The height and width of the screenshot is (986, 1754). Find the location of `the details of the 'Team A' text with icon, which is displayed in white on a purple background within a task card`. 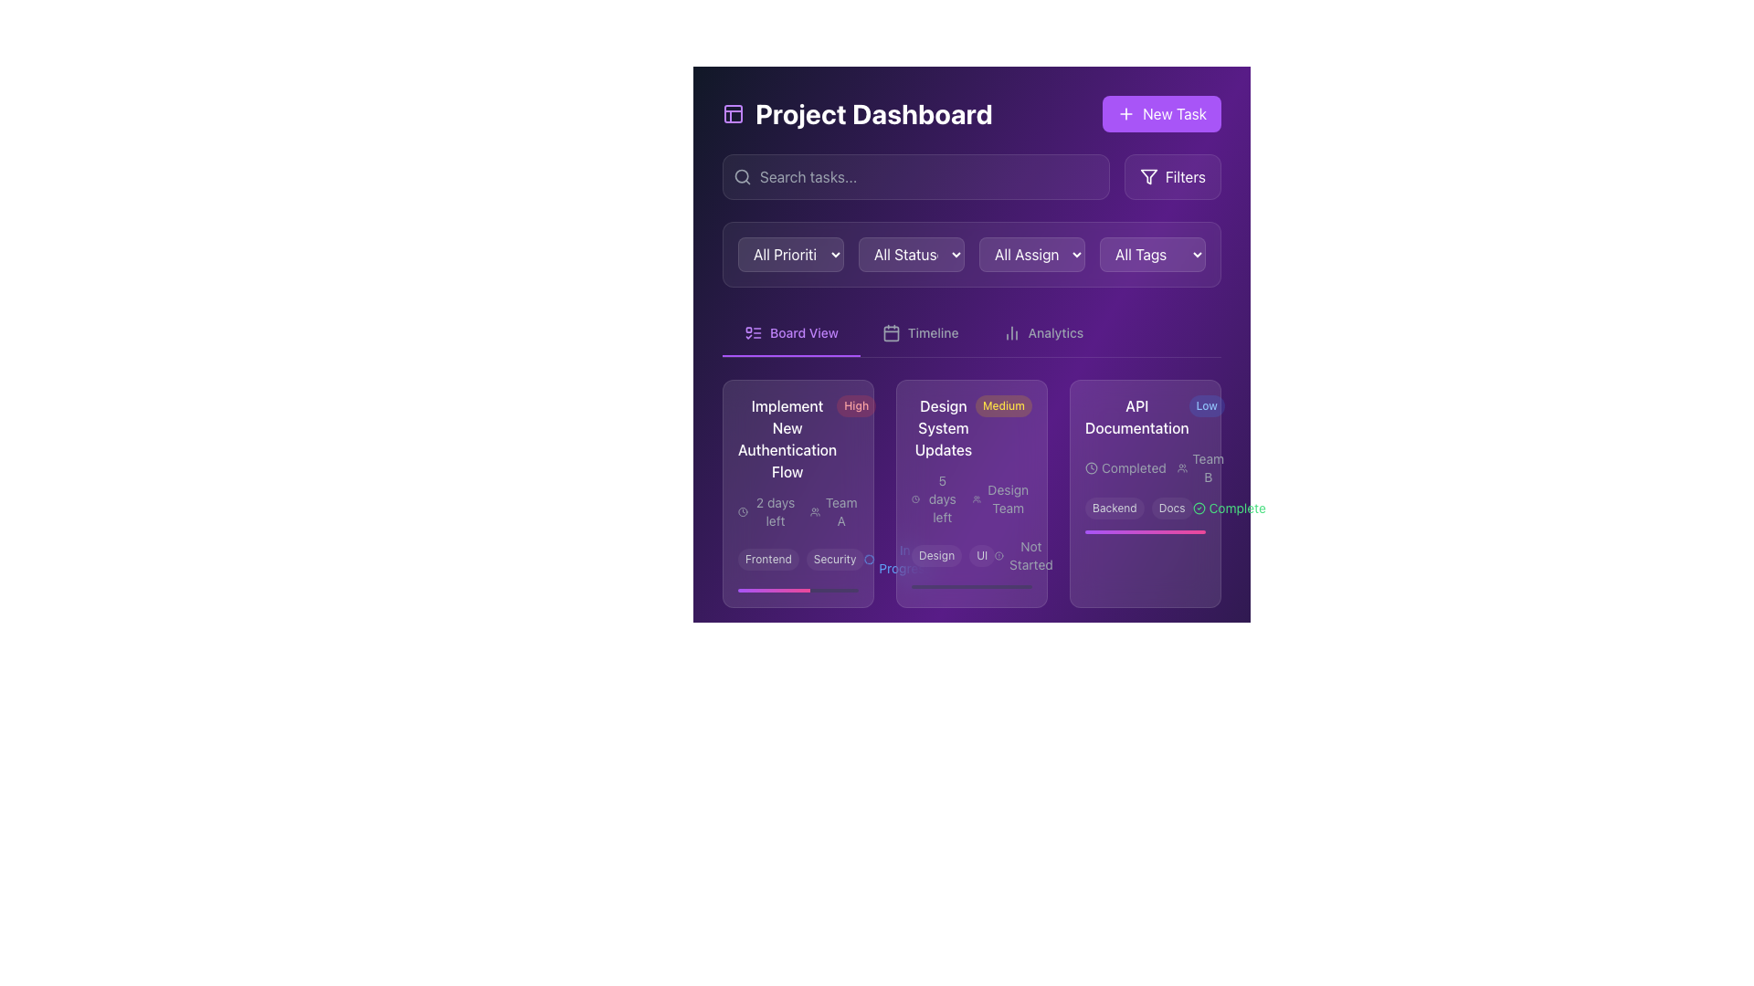

the details of the 'Team A' text with icon, which is displayed in white on a purple background within a task card is located at coordinates (833, 511).